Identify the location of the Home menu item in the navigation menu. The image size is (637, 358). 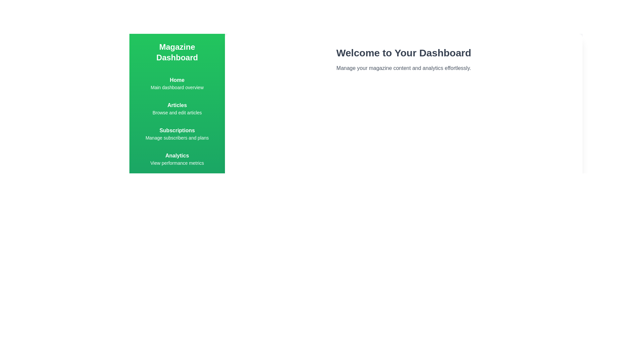
(177, 83).